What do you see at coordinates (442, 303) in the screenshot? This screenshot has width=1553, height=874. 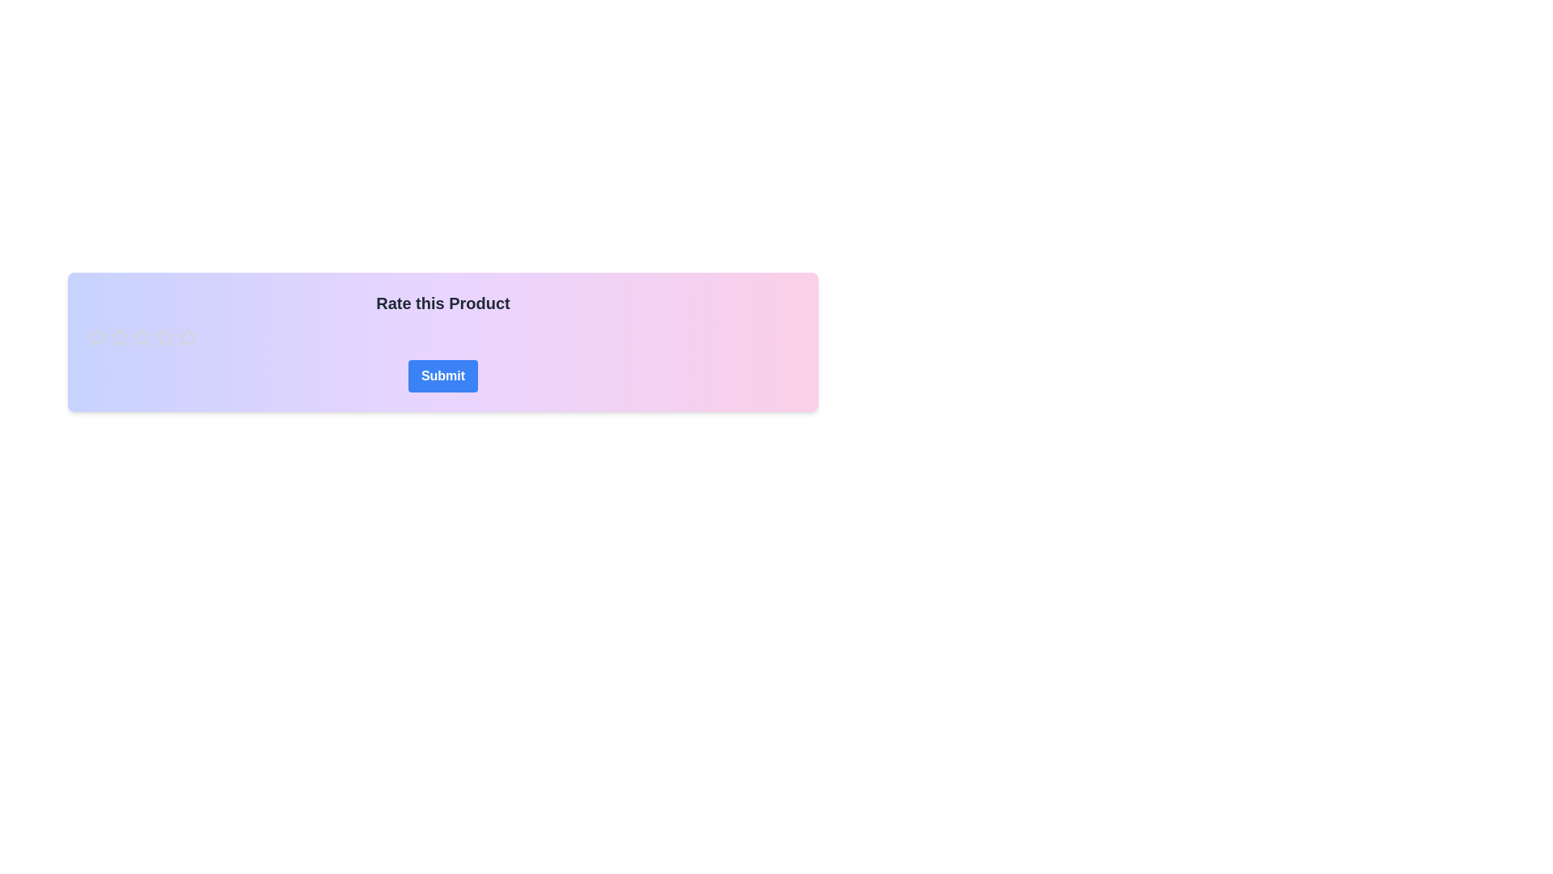 I see `the heading that guides the user to rate a product, positioned centrally above the star rating system` at bounding box center [442, 303].